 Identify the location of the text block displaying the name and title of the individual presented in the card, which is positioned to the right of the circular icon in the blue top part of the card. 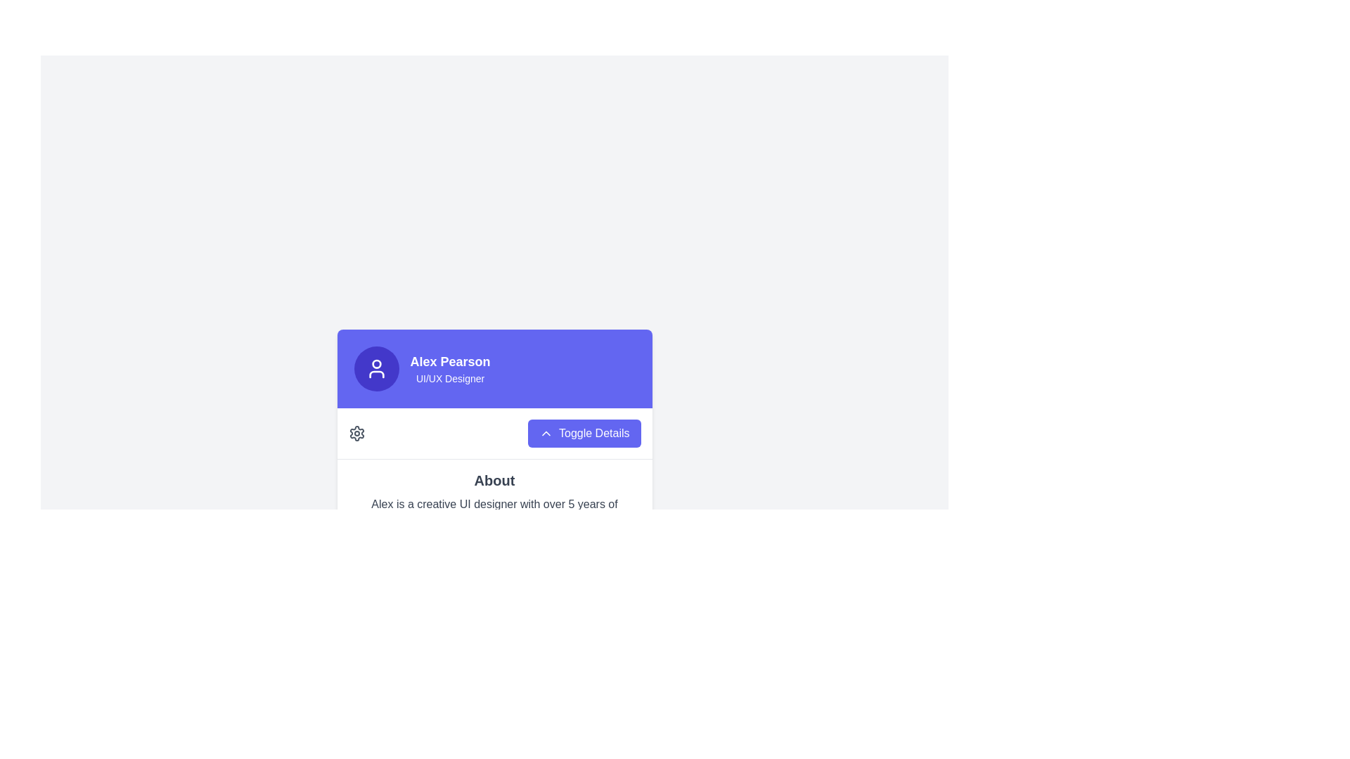
(450, 368).